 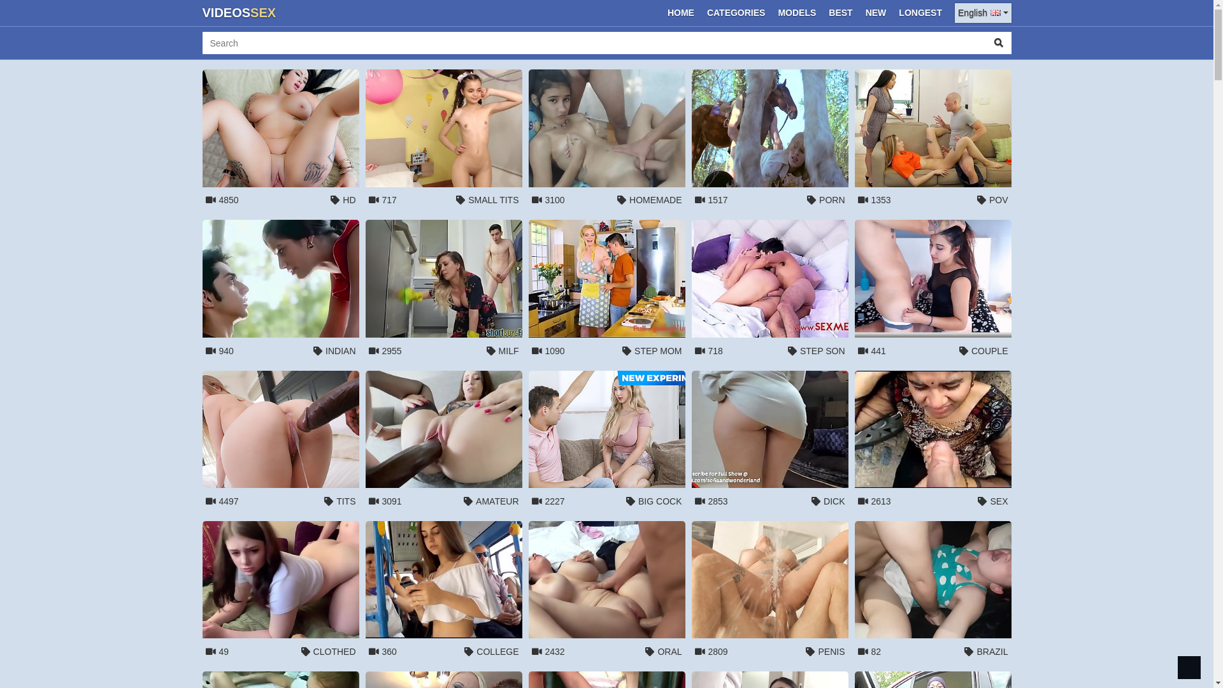 I want to click on '3100, so click(x=606, y=141).